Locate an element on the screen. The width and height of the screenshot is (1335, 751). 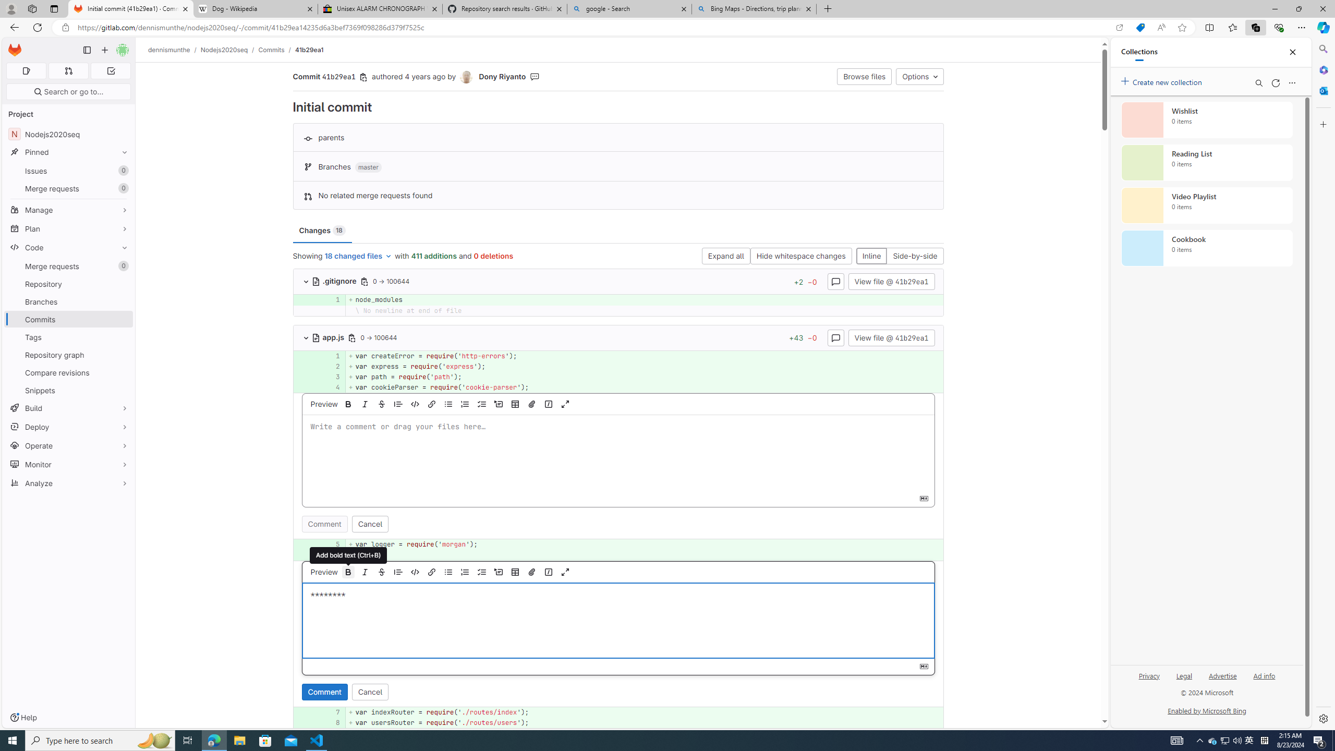
'18 changed files' is located at coordinates (358, 256).